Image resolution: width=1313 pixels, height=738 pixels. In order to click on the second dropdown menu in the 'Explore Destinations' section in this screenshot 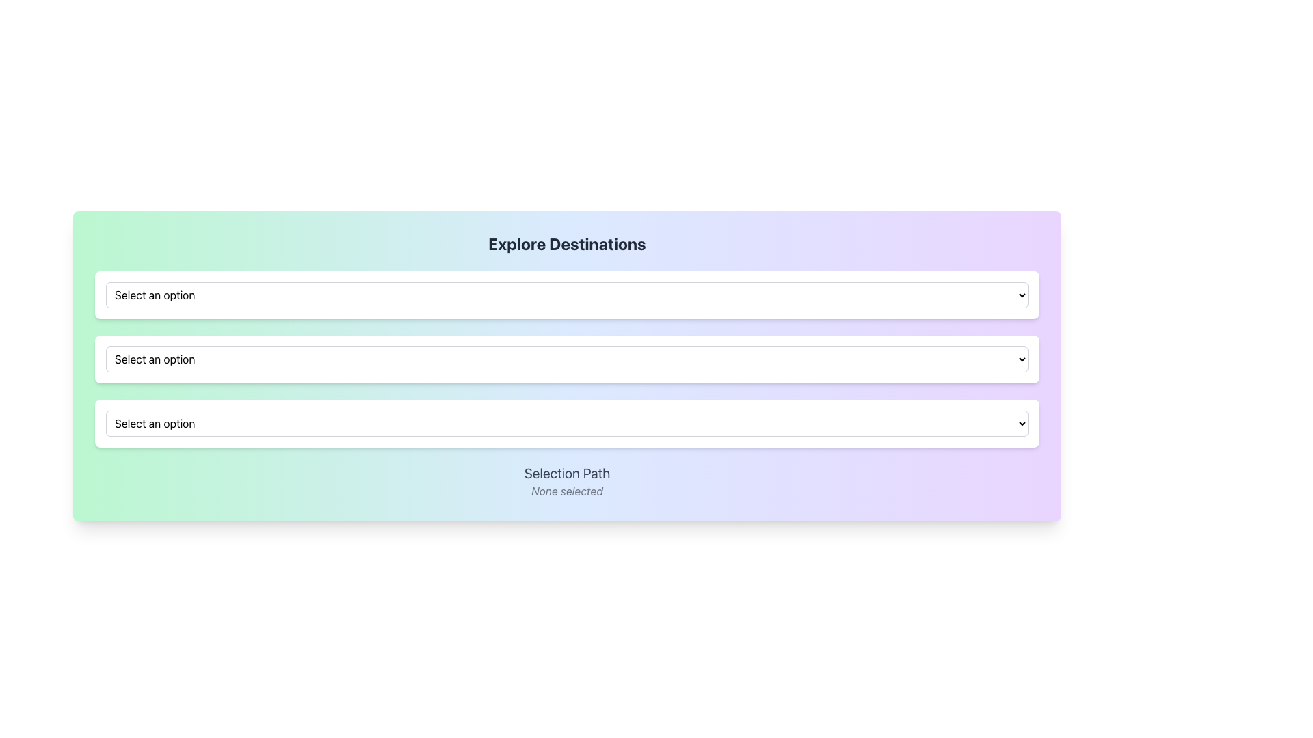, I will do `click(567, 358)`.